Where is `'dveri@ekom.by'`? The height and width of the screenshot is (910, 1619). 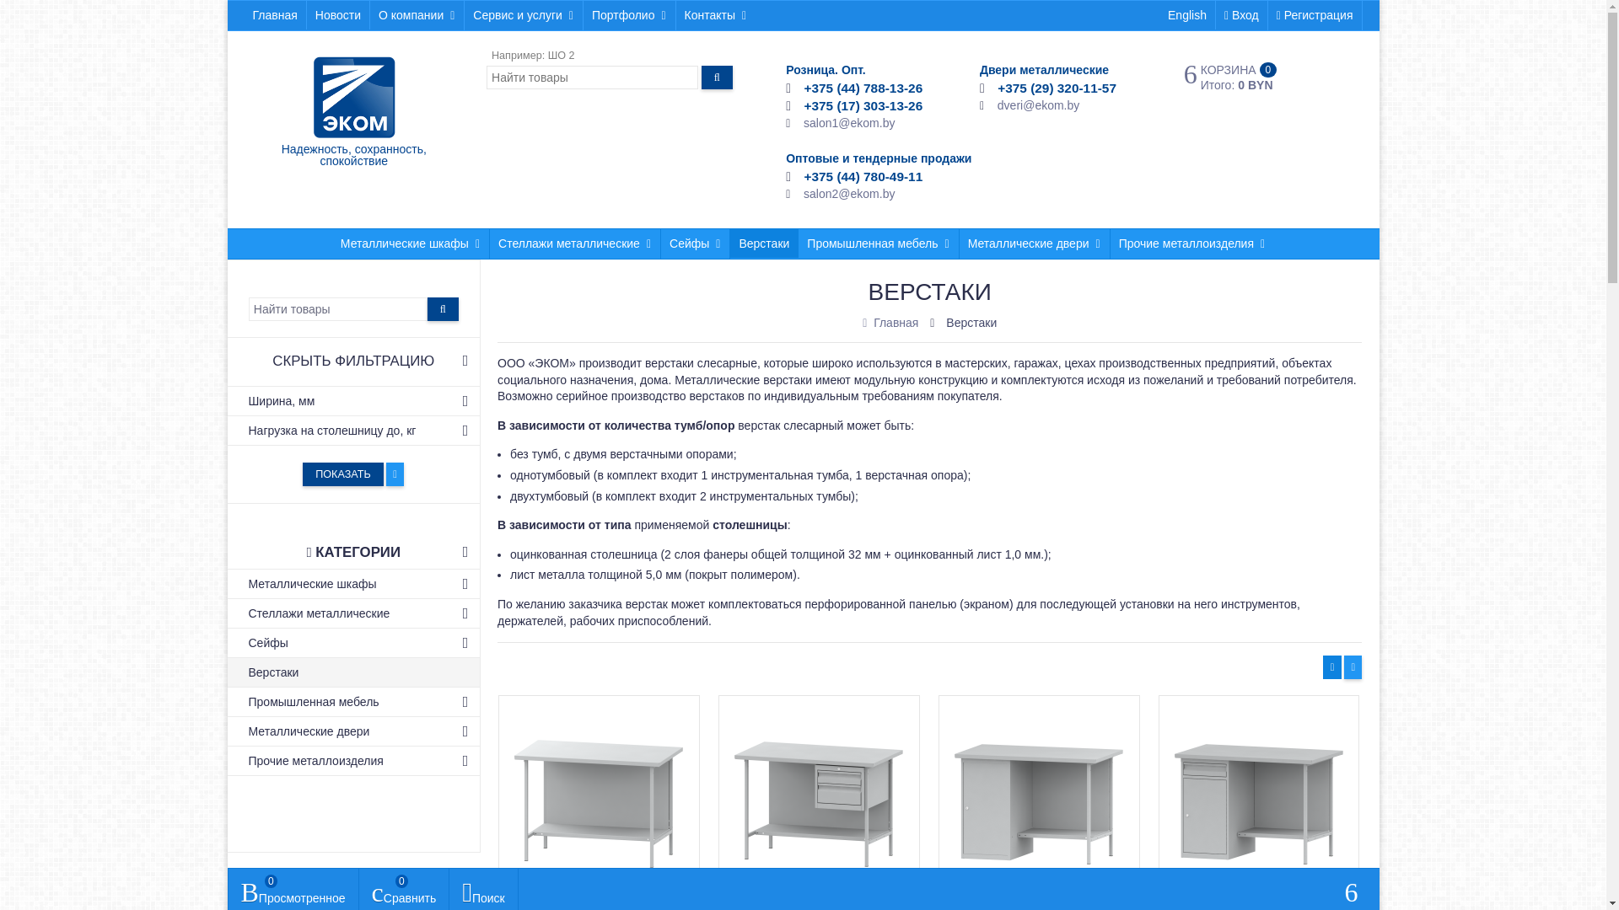
'dveri@ekom.by' is located at coordinates (997, 104).